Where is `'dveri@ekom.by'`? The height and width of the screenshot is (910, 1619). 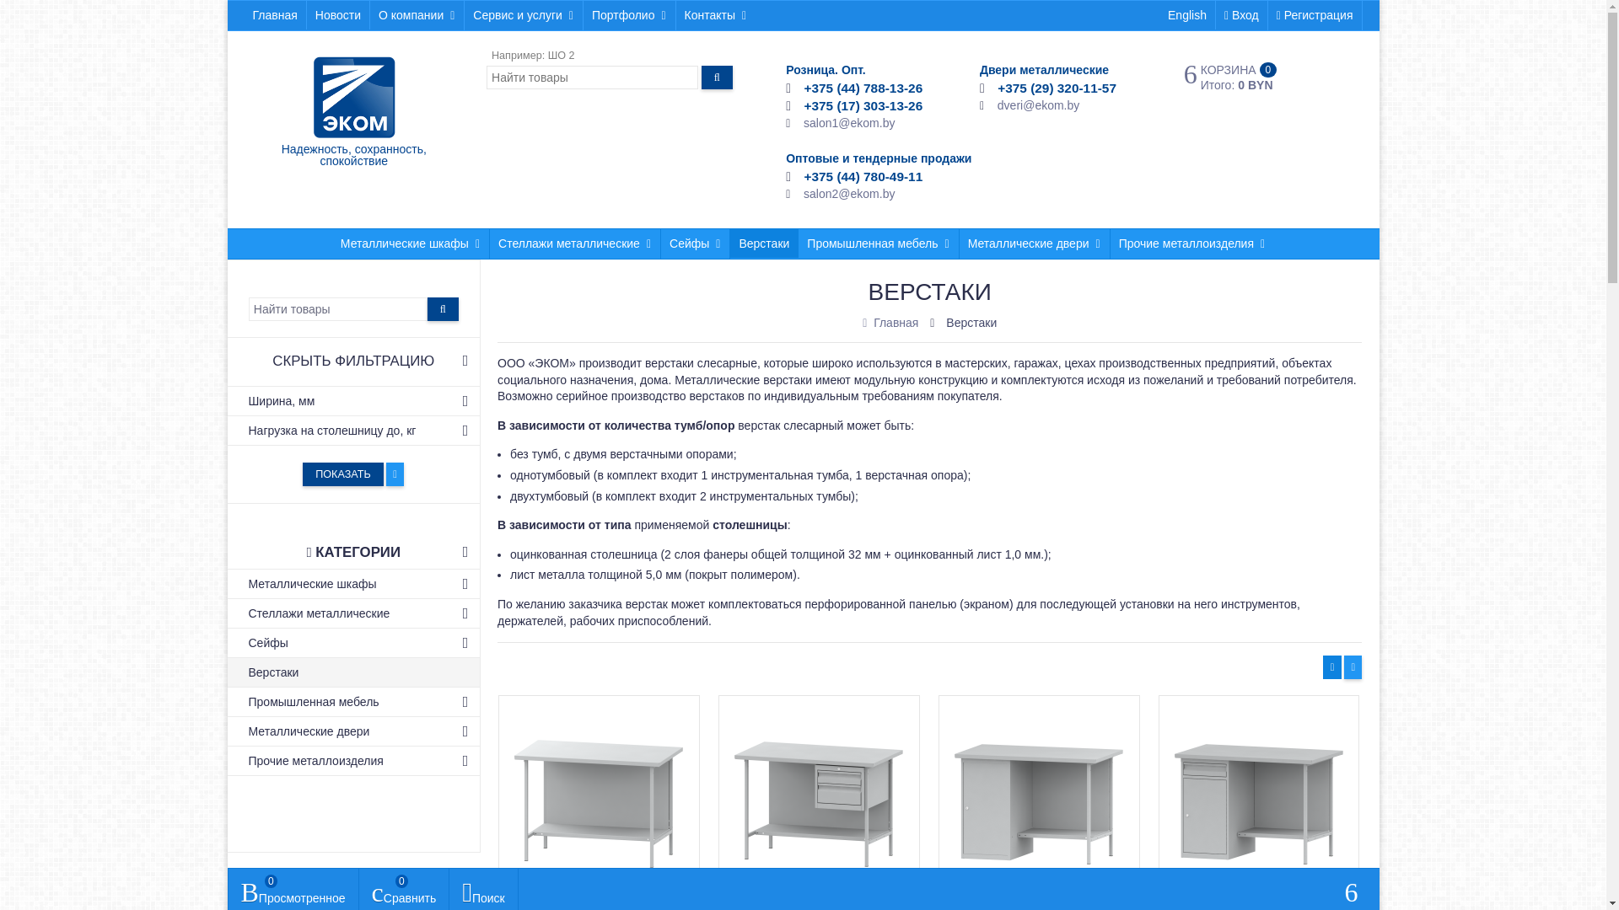
'dveri@ekom.by' is located at coordinates (997, 104).